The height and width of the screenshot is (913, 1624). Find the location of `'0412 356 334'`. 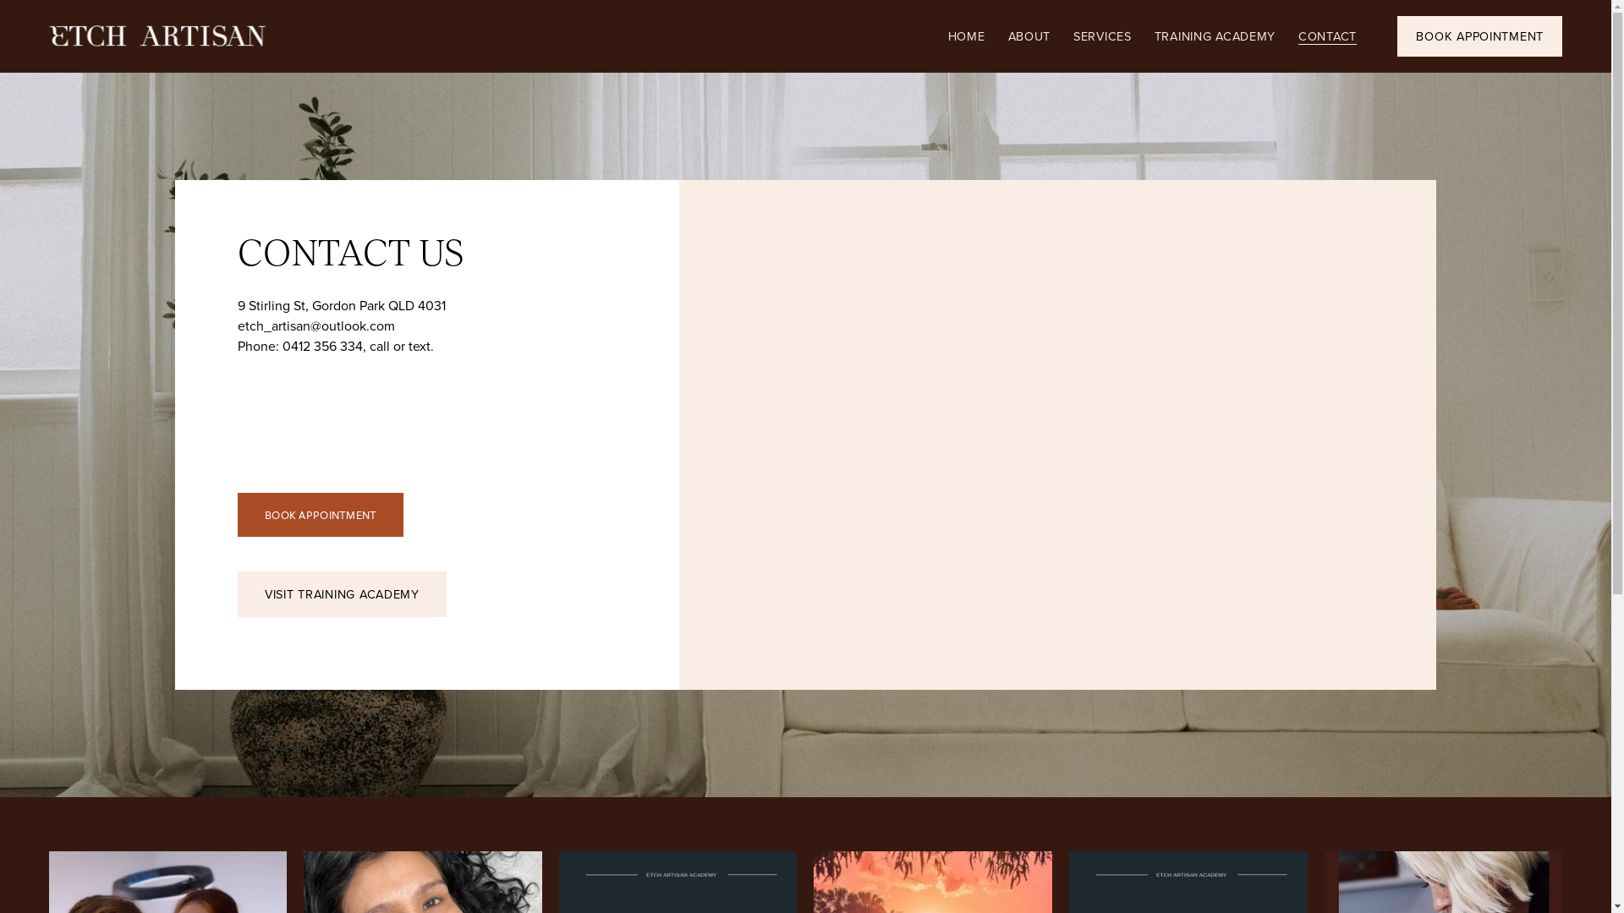

'0412 356 334' is located at coordinates (322, 345).